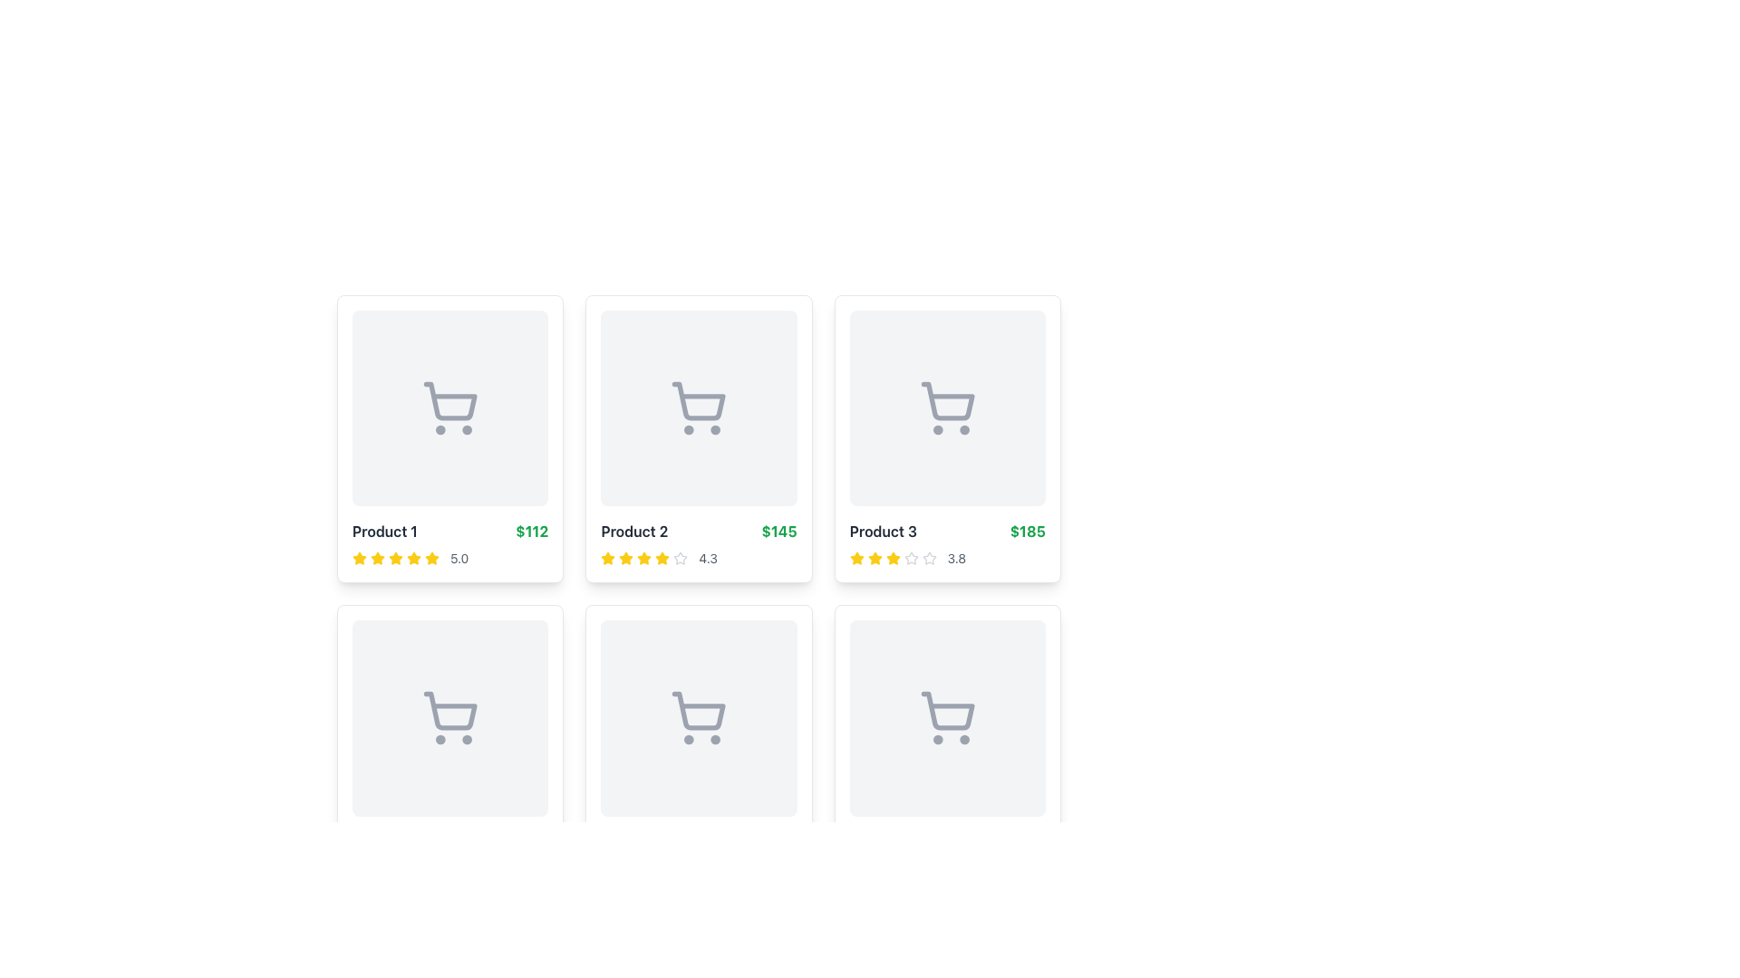  Describe the element at coordinates (430, 558) in the screenshot. I see `first star in the five-star rating system for 'Product 1', located underneath the 'Product 1' card in the top-left area of the interface` at that location.